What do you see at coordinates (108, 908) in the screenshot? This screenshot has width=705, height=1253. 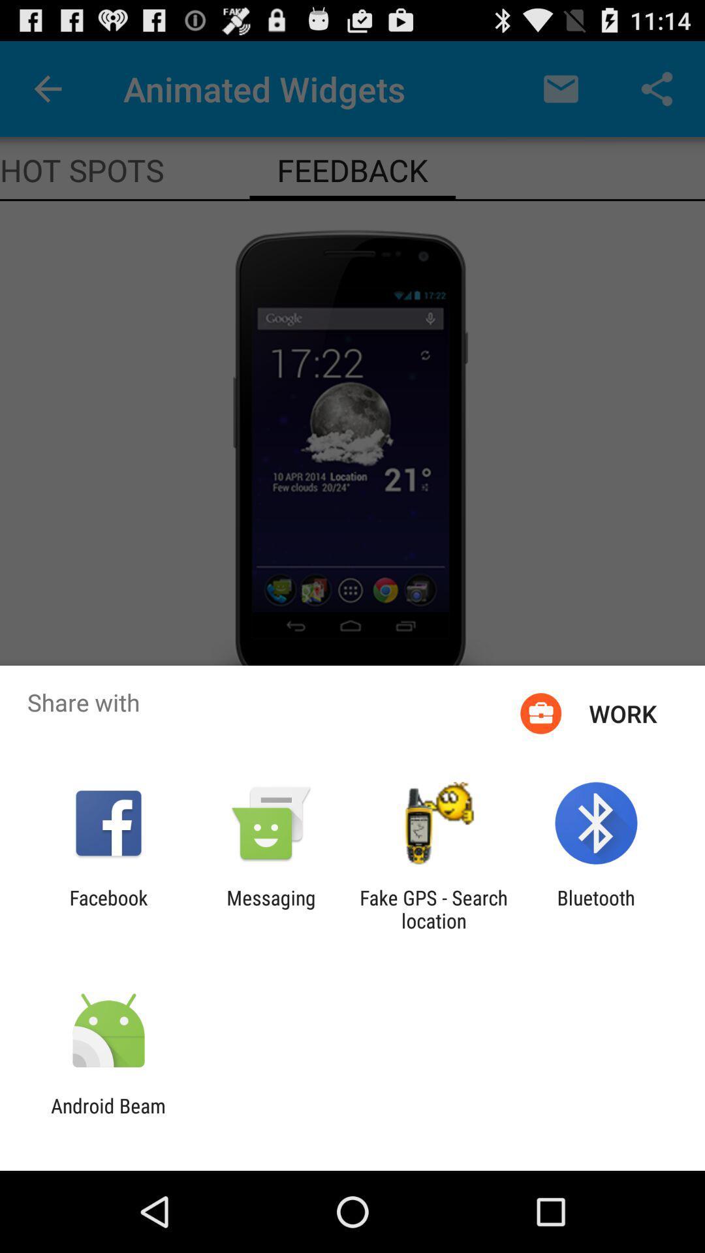 I see `facebook icon` at bounding box center [108, 908].